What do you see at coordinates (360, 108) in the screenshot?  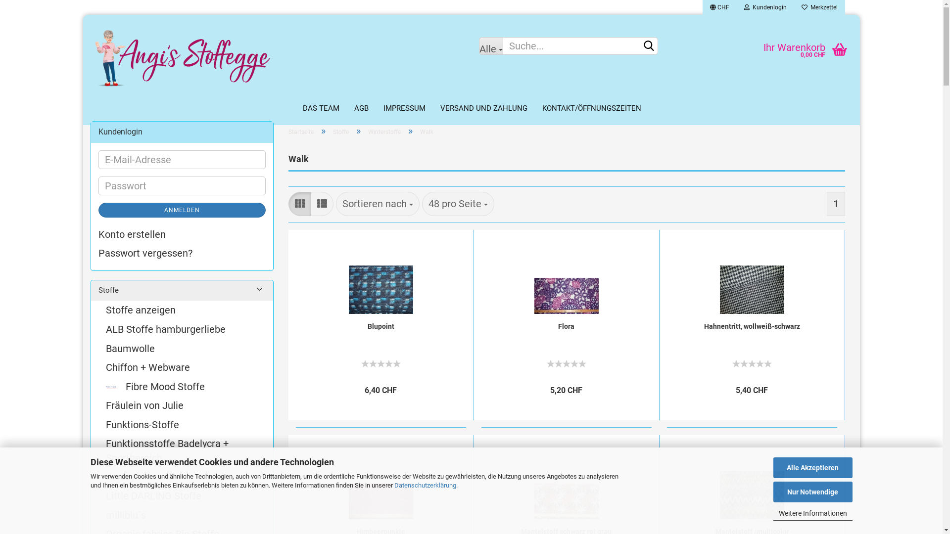 I see `'AGB'` at bounding box center [360, 108].